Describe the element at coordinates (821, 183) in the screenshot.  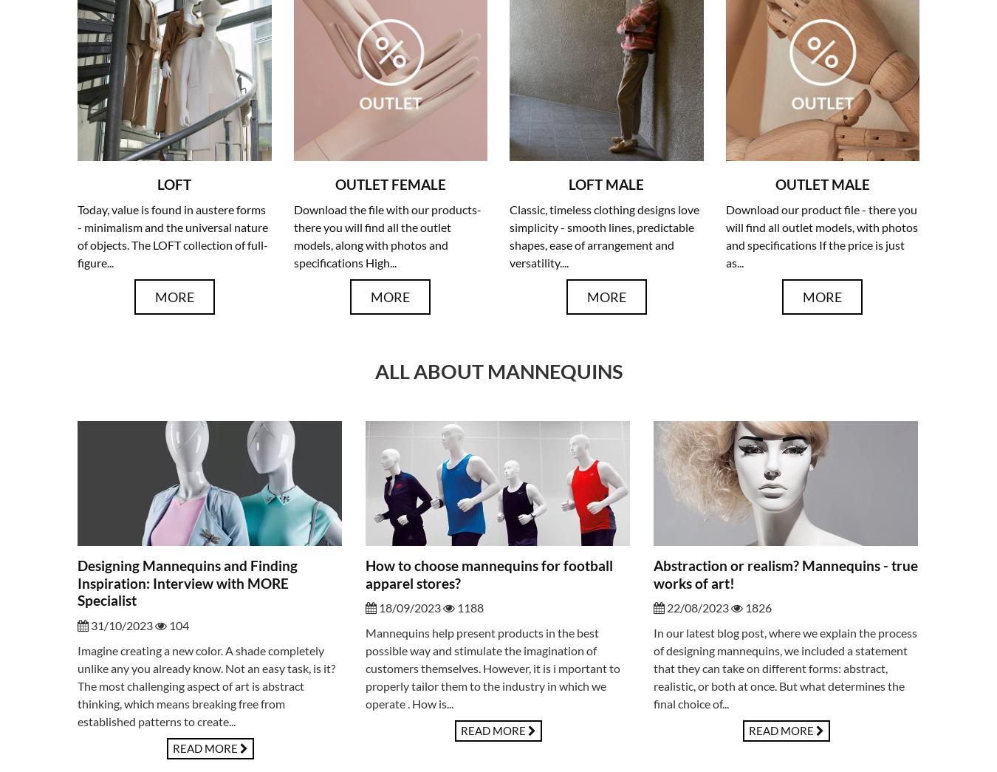
I see `'OUTLET MALE'` at that location.